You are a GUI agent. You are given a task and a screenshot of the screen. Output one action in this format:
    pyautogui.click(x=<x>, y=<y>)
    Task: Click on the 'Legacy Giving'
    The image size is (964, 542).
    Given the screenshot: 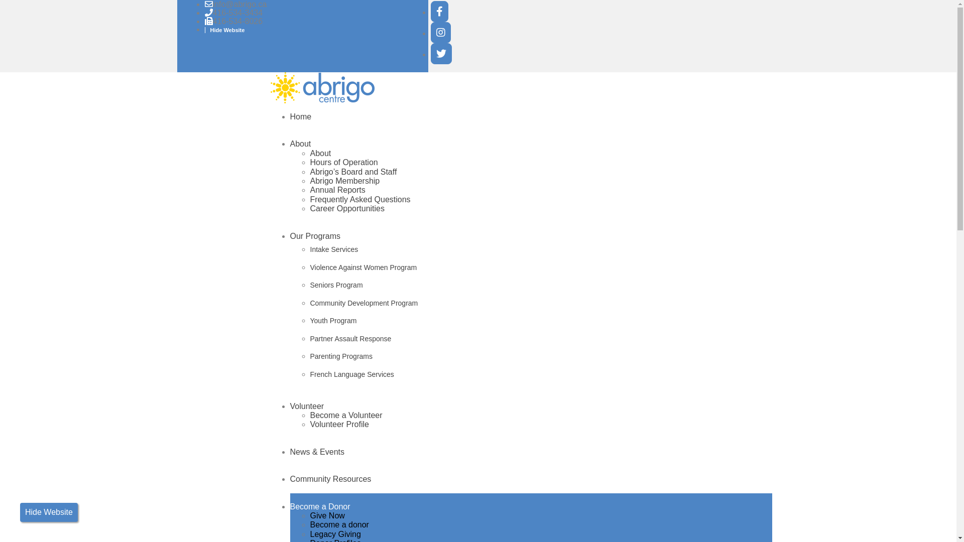 What is the action you would take?
    pyautogui.click(x=310, y=533)
    